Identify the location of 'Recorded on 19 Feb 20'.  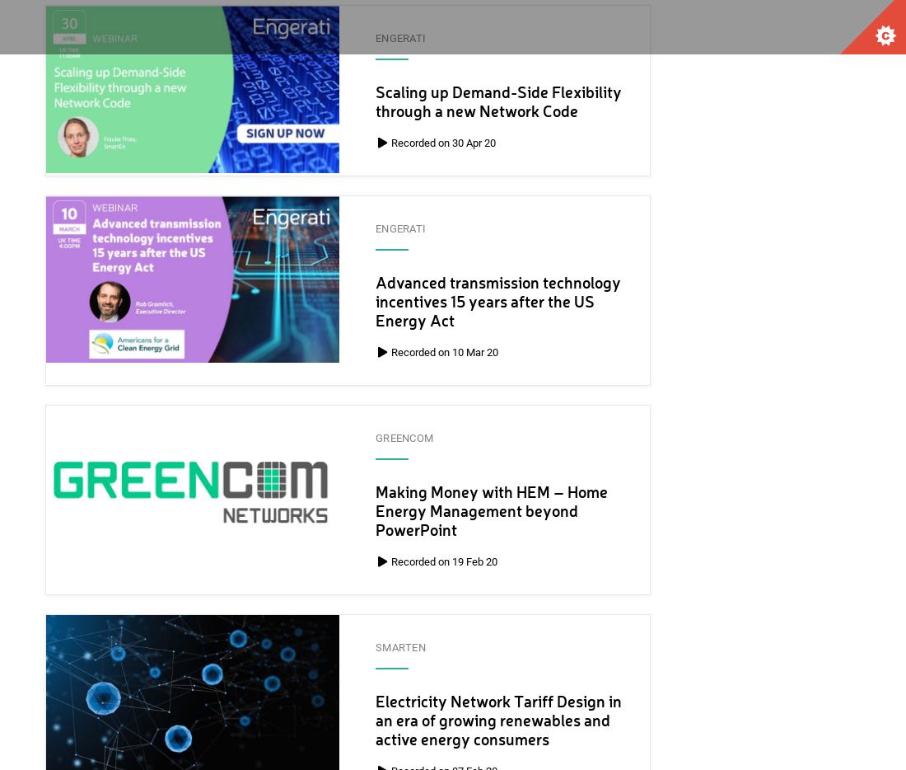
(388, 561).